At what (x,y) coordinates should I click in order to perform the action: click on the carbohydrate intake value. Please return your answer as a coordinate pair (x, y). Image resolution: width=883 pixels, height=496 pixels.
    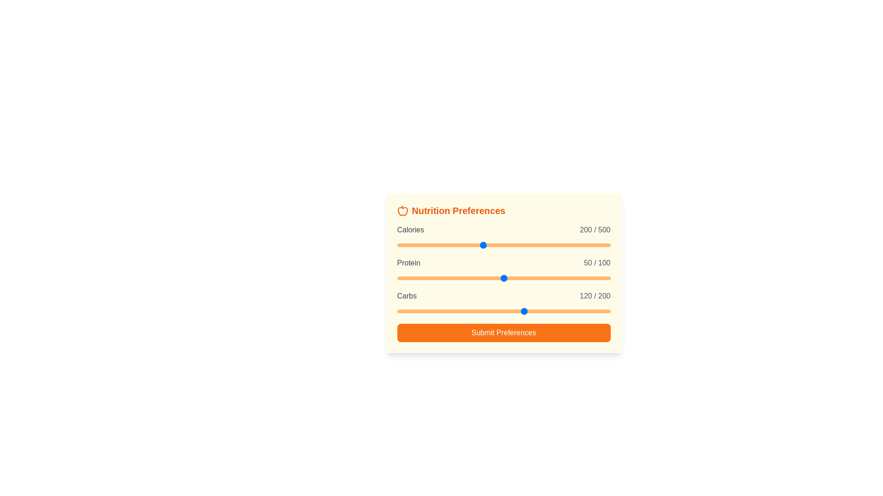
    Looking at the image, I should click on (511, 311).